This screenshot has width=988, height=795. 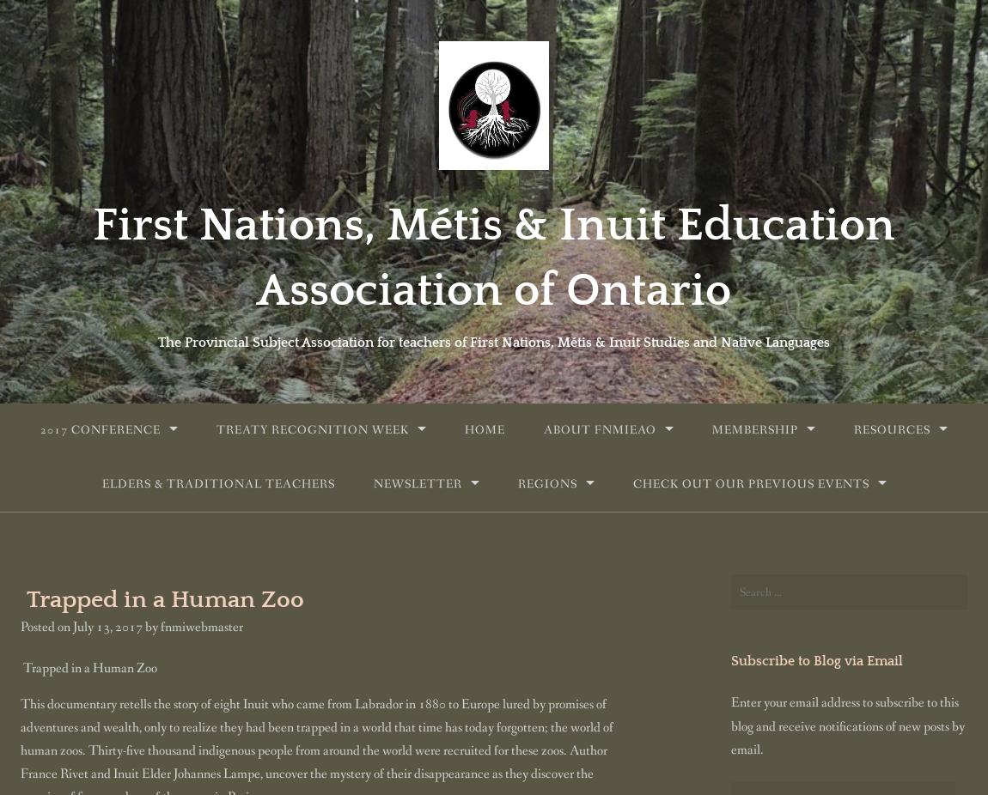 I want to click on 'Posted on', so click(x=46, y=626).